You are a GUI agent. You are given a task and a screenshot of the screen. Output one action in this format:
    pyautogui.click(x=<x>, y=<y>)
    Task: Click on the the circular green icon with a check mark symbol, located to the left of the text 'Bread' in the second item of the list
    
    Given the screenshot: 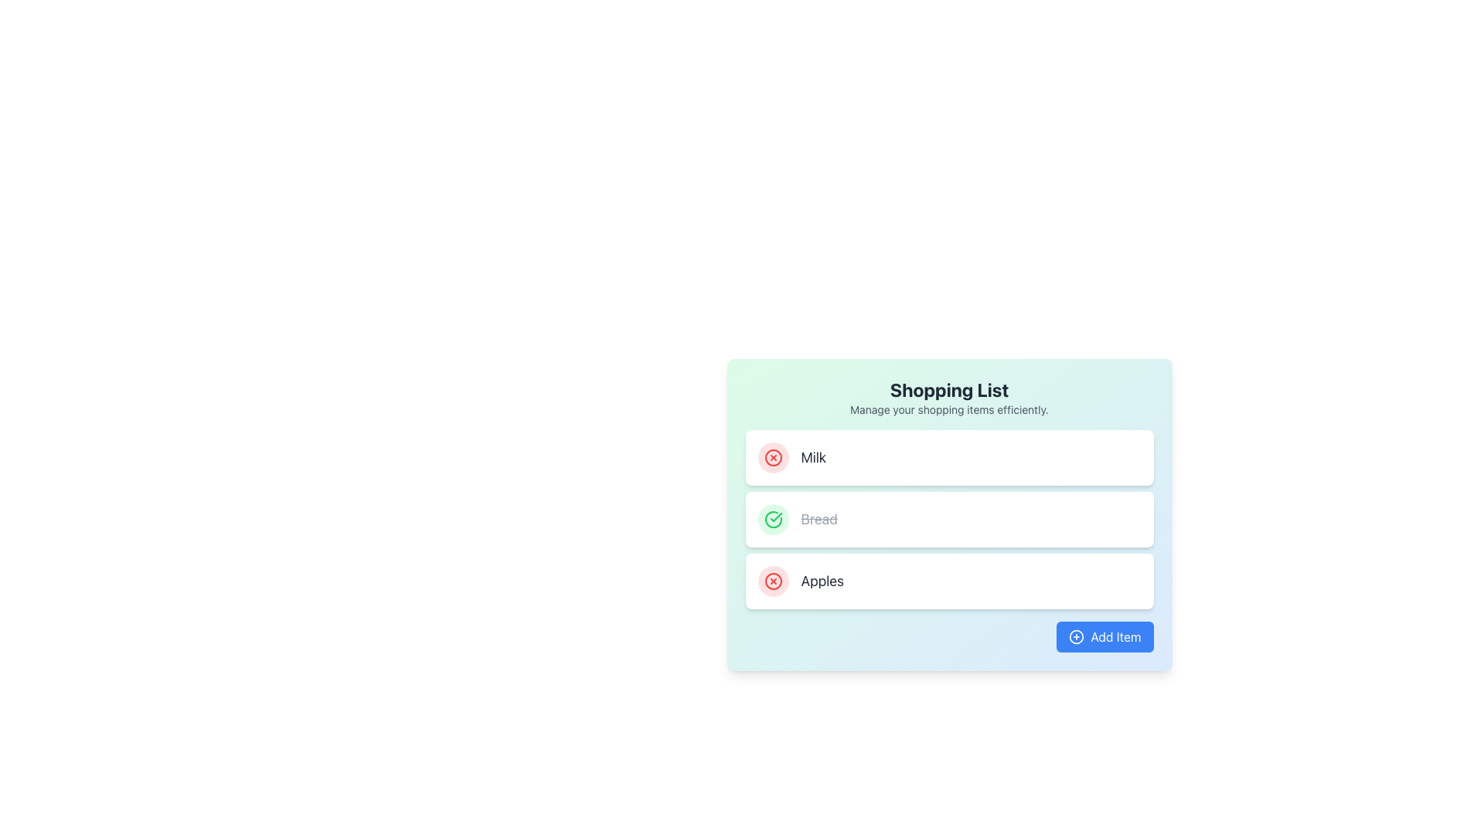 What is the action you would take?
    pyautogui.click(x=773, y=519)
    